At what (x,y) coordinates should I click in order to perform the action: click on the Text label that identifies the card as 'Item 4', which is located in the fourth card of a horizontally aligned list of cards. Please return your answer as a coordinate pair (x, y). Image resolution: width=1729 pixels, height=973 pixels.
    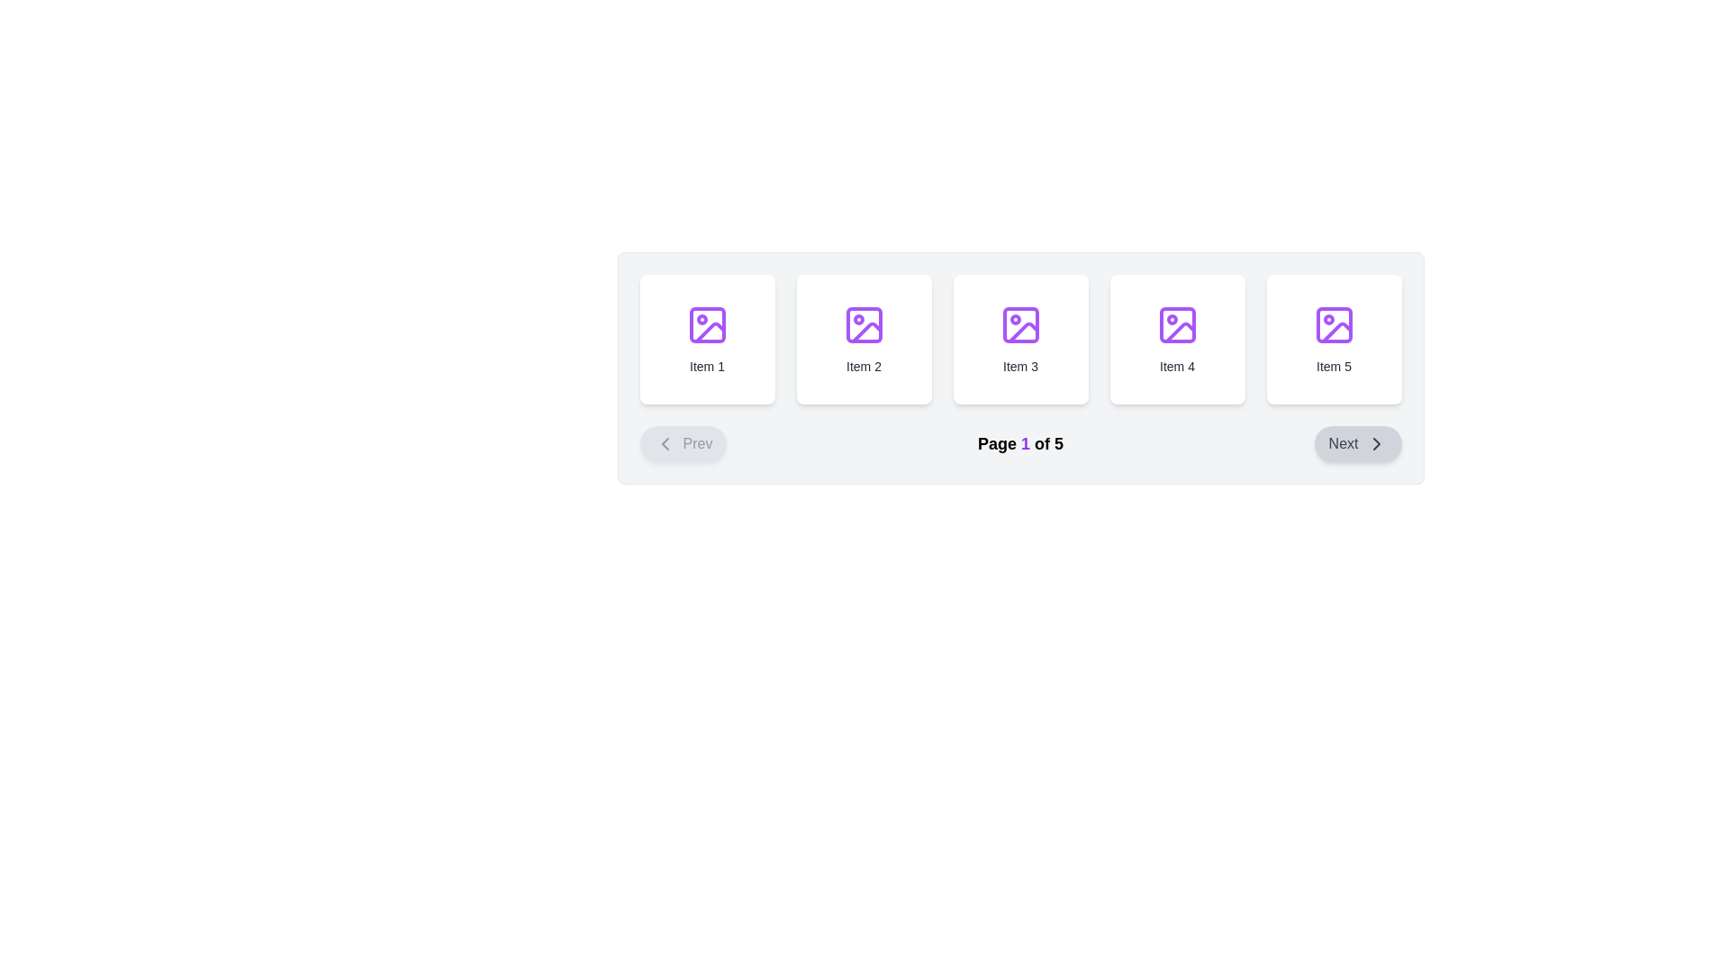
    Looking at the image, I should click on (1177, 366).